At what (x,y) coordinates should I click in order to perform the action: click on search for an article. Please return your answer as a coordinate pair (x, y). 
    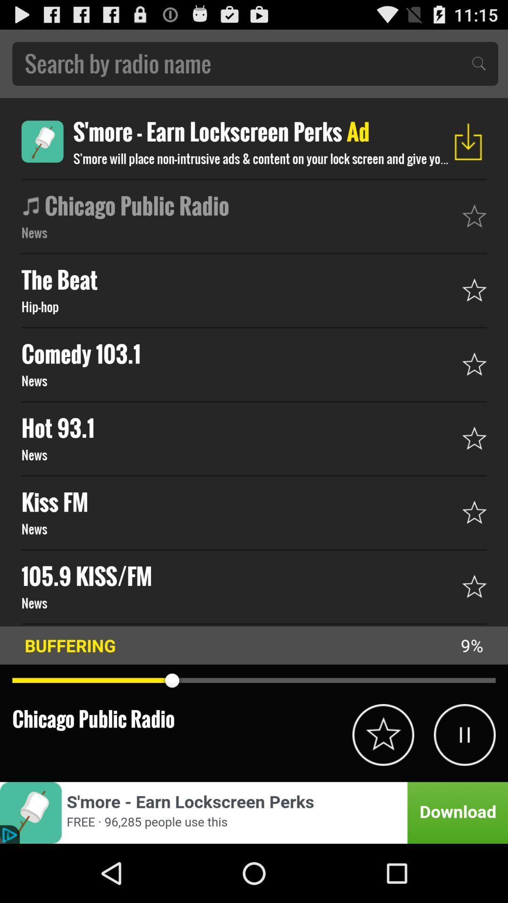
    Looking at the image, I should click on (255, 63).